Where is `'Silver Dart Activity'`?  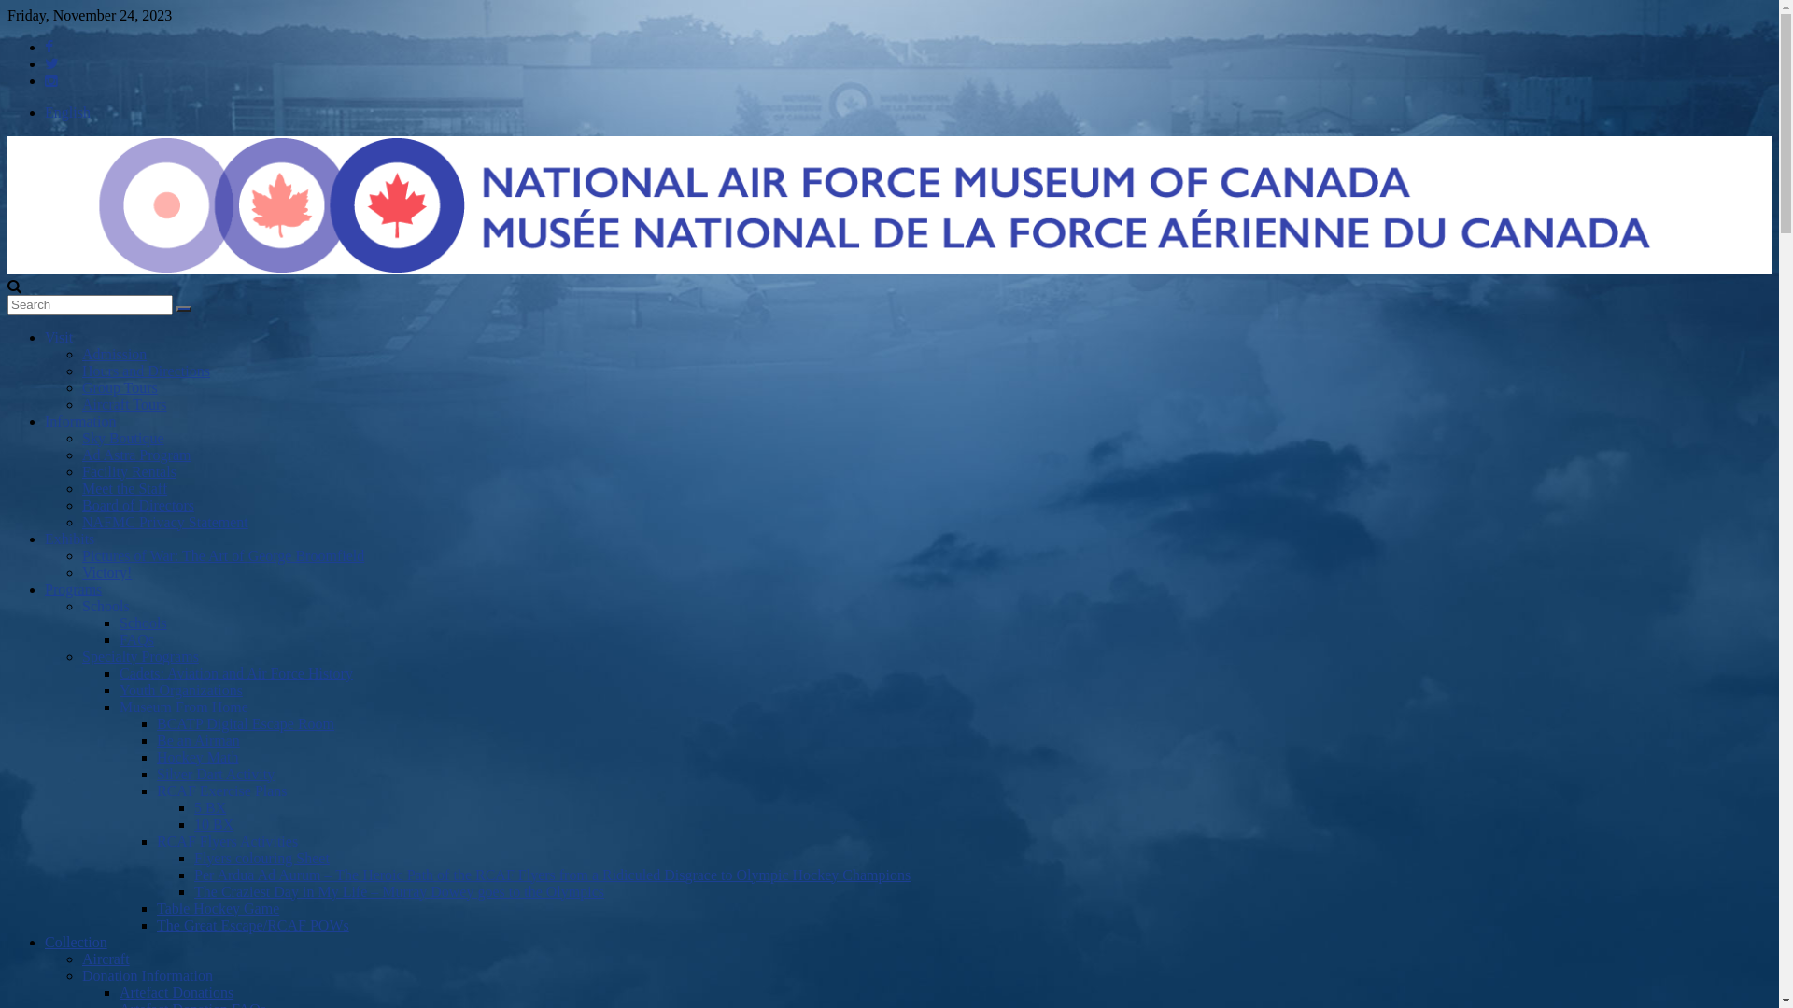 'Silver Dart Activity' is located at coordinates (215, 774).